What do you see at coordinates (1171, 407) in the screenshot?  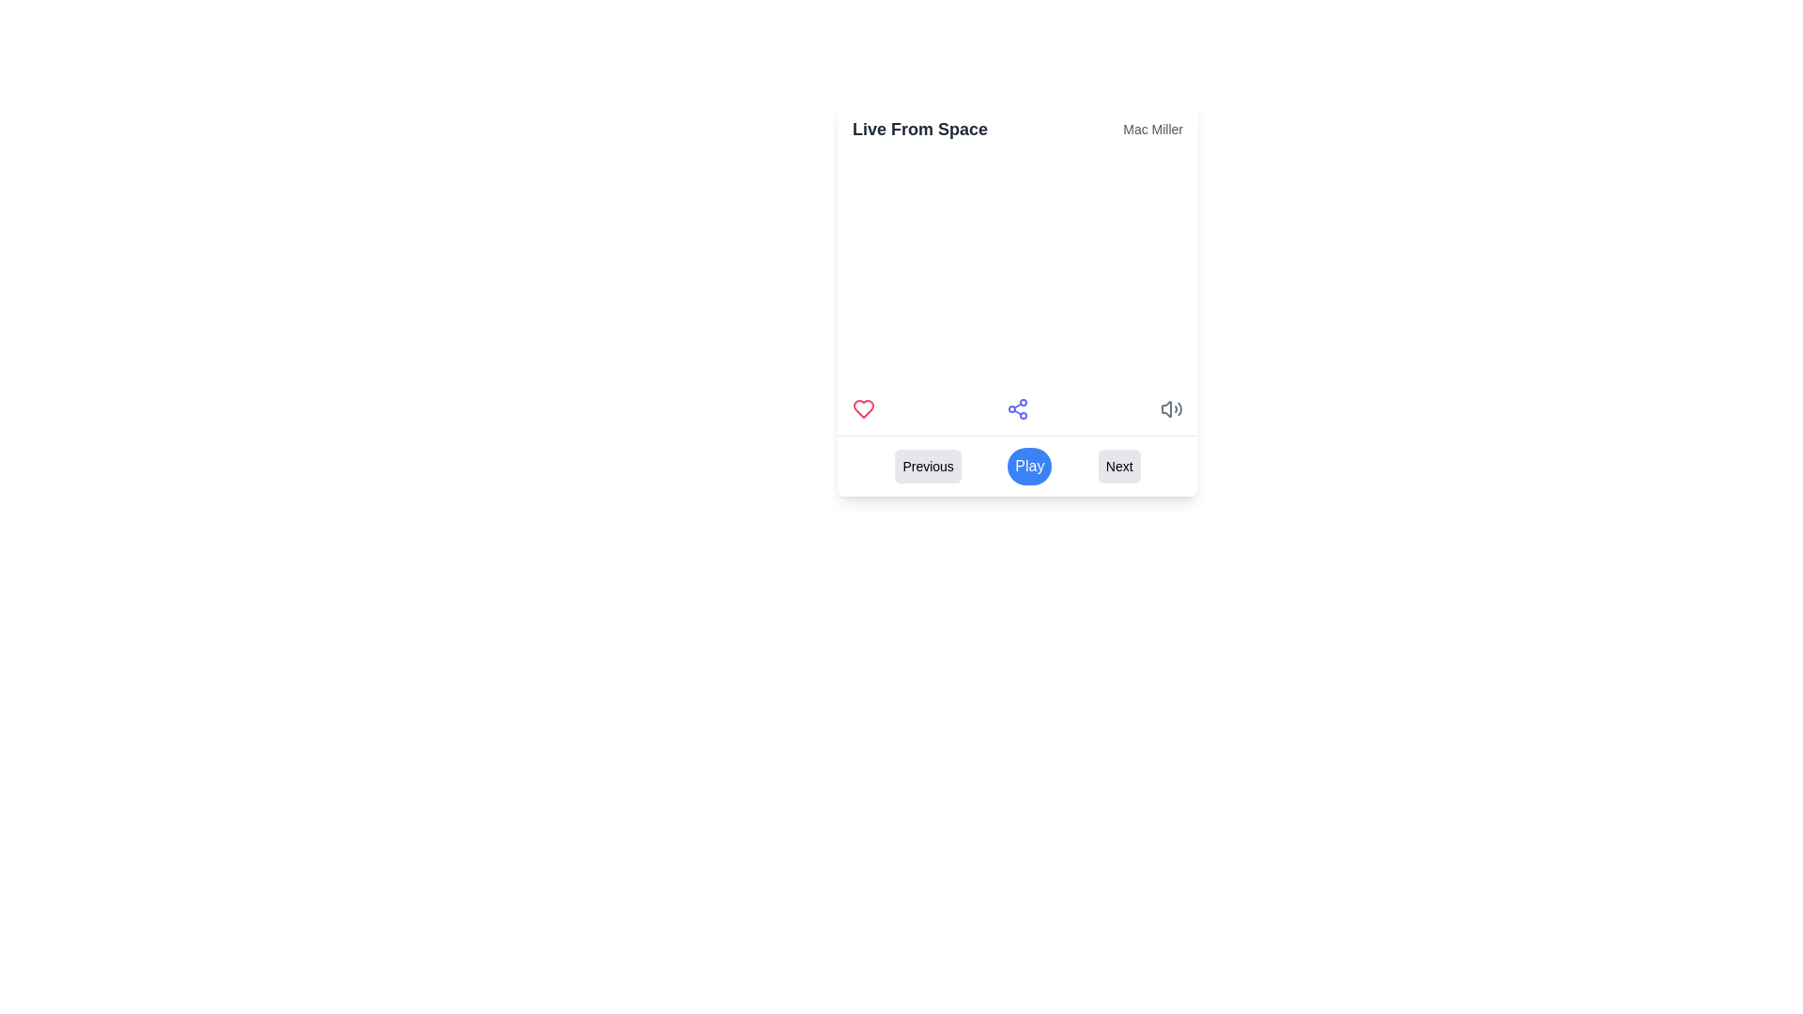 I see `the volume control icon located at the rightmost position of the horizontal row of icons in the media control section of the primary interface card` at bounding box center [1171, 407].